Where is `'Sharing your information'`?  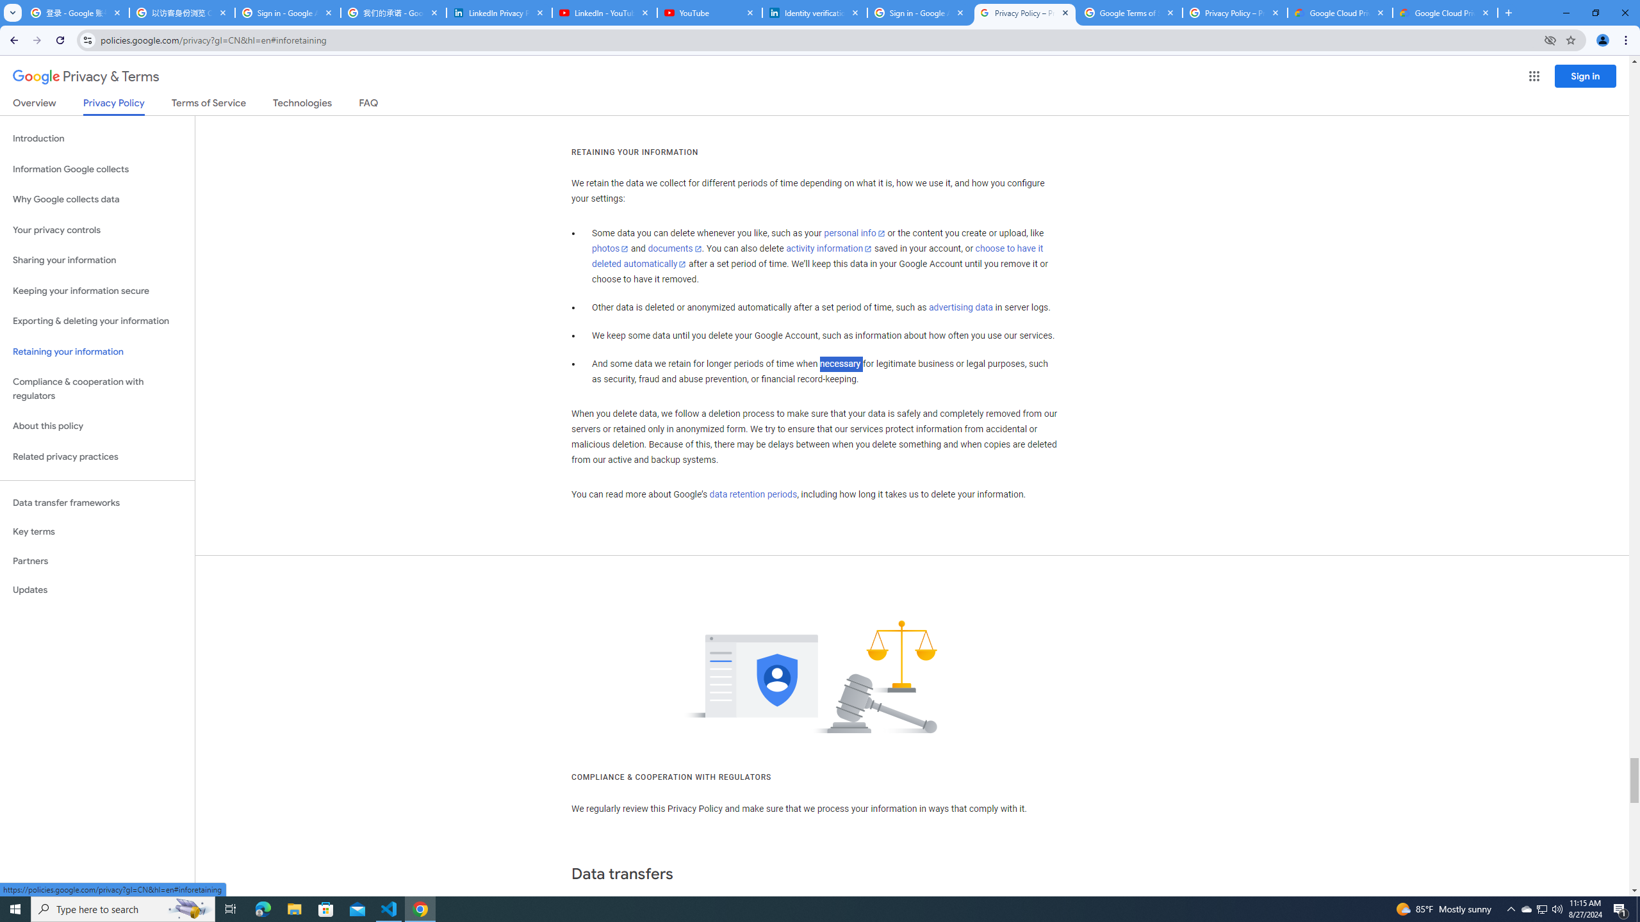
'Sharing your information' is located at coordinates (97, 259).